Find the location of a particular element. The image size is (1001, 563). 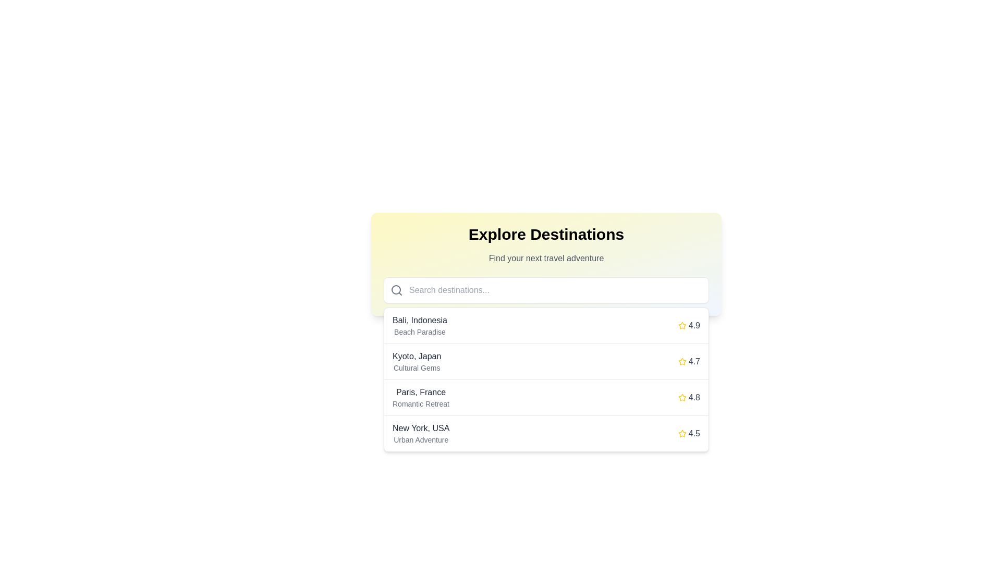

the star icon that visually represents a rating of '4.7' located in the top-right section of the interface, next to 'Kyoto, Japan' is located at coordinates (682, 361).